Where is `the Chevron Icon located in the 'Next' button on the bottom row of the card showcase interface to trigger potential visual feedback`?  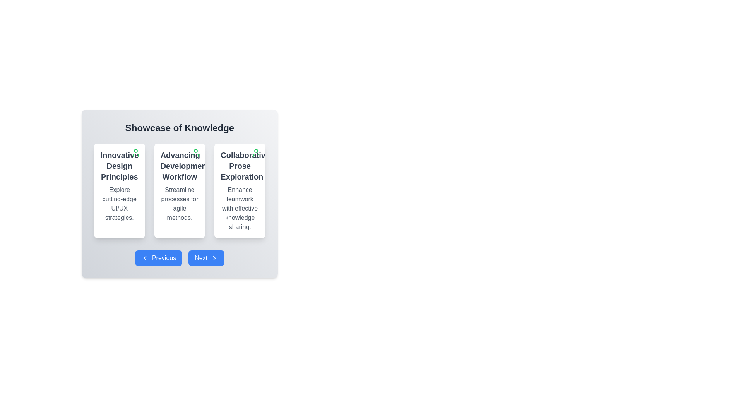 the Chevron Icon located in the 'Next' button on the bottom row of the card showcase interface to trigger potential visual feedback is located at coordinates (214, 258).